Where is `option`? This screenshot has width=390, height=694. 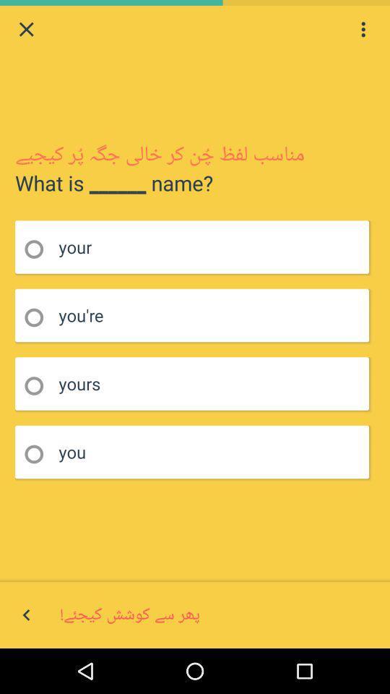
option is located at coordinates (38, 317).